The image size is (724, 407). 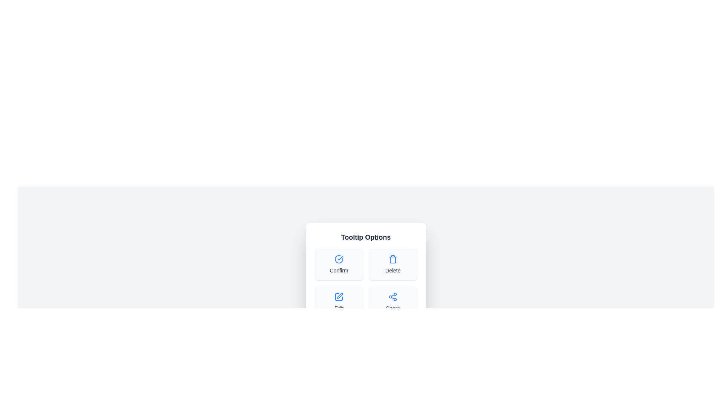 I want to click on the 'Confirm' button, which features a circular checkmark icon and the text 'Confirm' in dark gray, located at the top-left corner of the grid layout, so click(x=338, y=264).